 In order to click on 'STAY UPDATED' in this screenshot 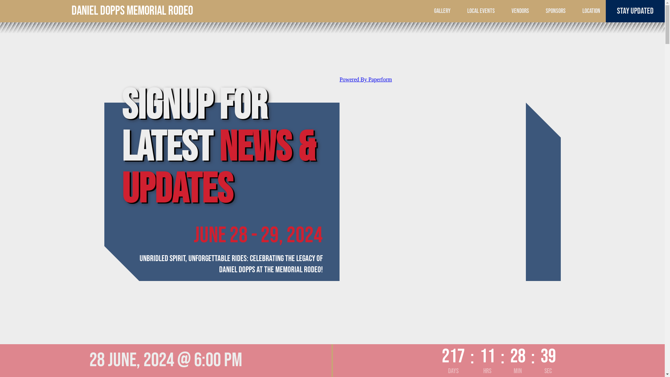, I will do `click(635, 11)`.